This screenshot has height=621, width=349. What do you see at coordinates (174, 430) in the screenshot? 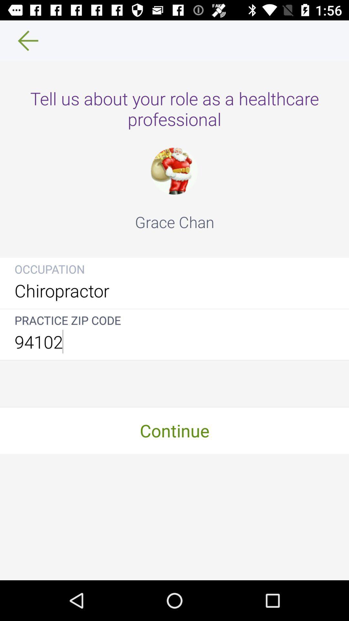
I see `continue item` at bounding box center [174, 430].